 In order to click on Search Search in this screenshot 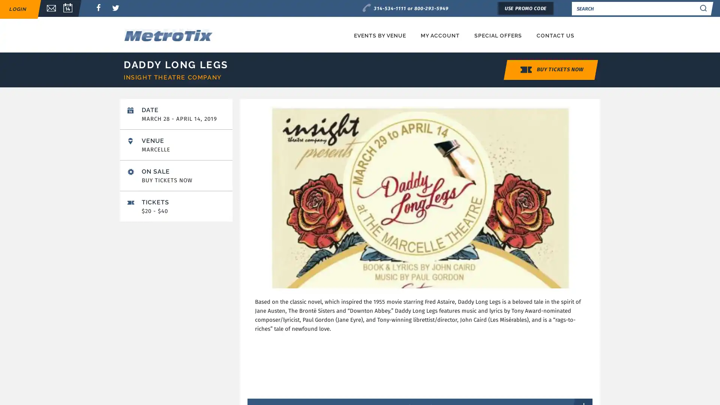, I will do `click(703, 8)`.